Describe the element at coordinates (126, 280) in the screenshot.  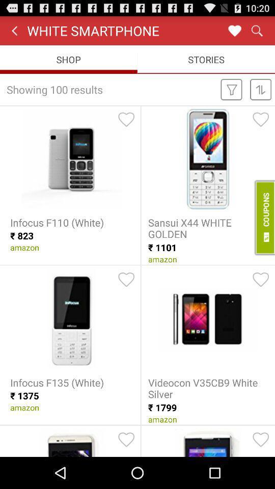
I see `you enjoy this phone` at that location.